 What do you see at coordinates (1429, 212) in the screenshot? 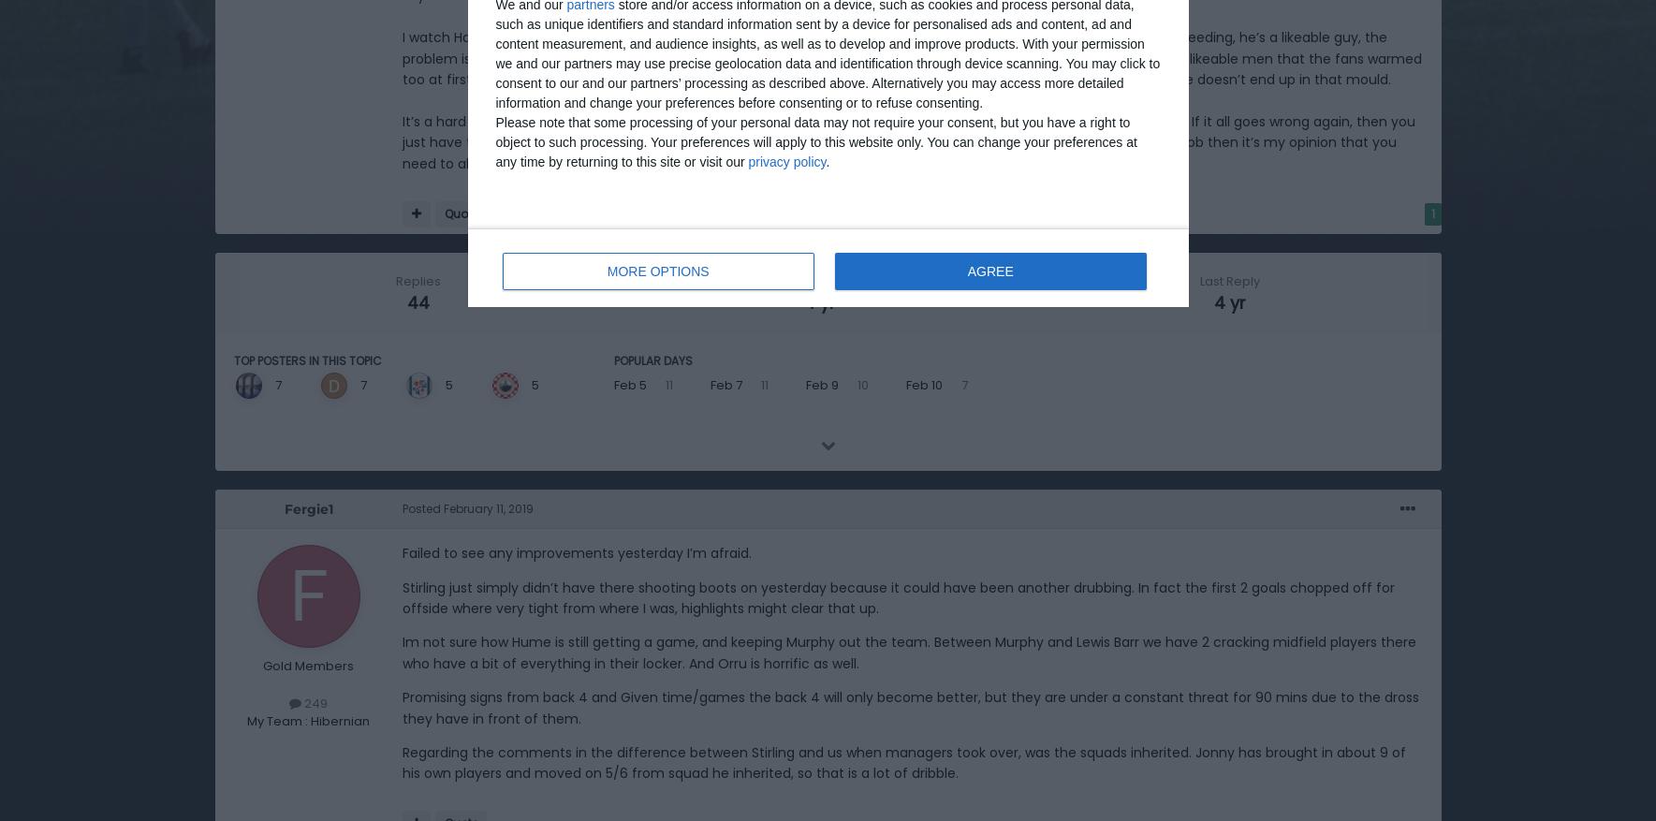
I see `'1'` at bounding box center [1429, 212].